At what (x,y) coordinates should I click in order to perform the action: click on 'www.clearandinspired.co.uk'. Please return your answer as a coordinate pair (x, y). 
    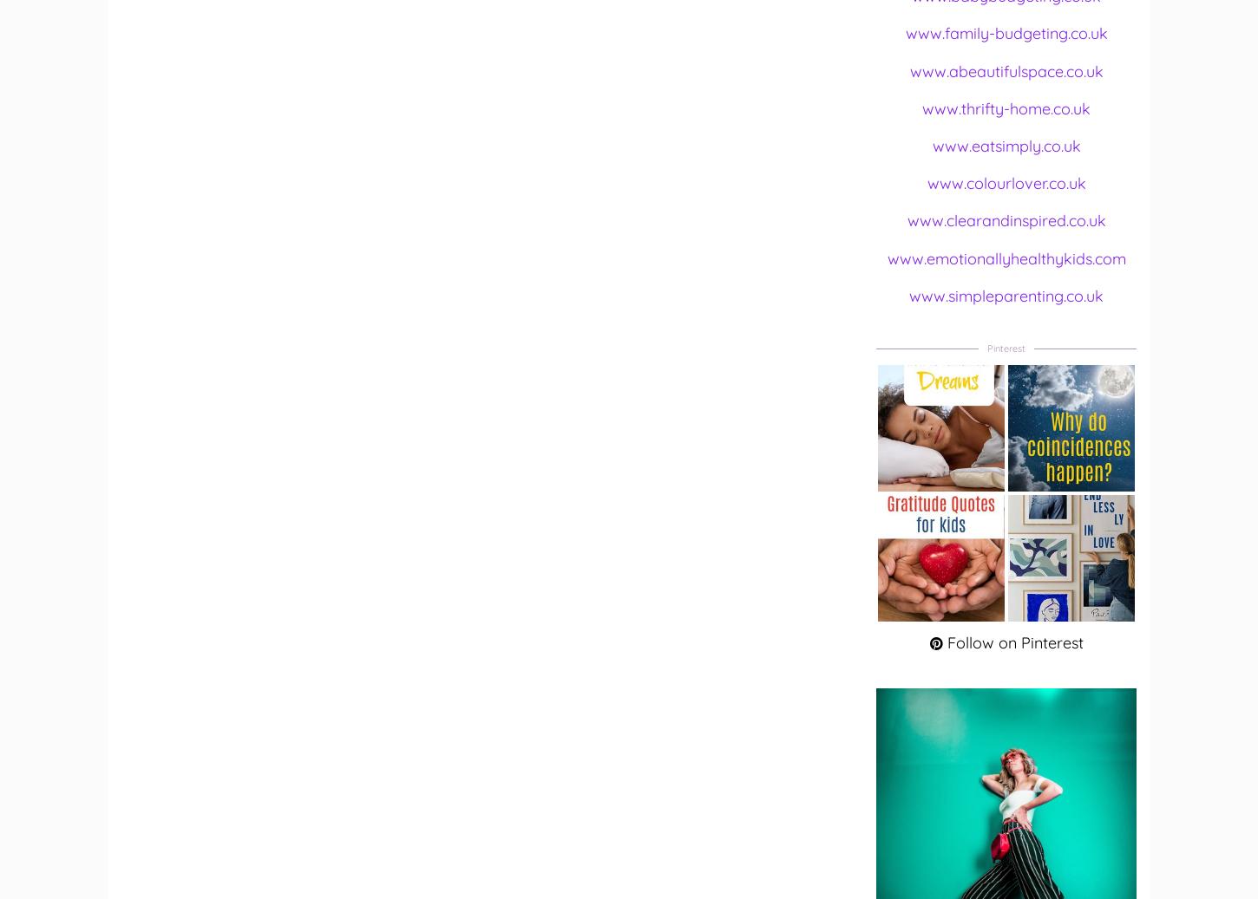
    Looking at the image, I should click on (907, 219).